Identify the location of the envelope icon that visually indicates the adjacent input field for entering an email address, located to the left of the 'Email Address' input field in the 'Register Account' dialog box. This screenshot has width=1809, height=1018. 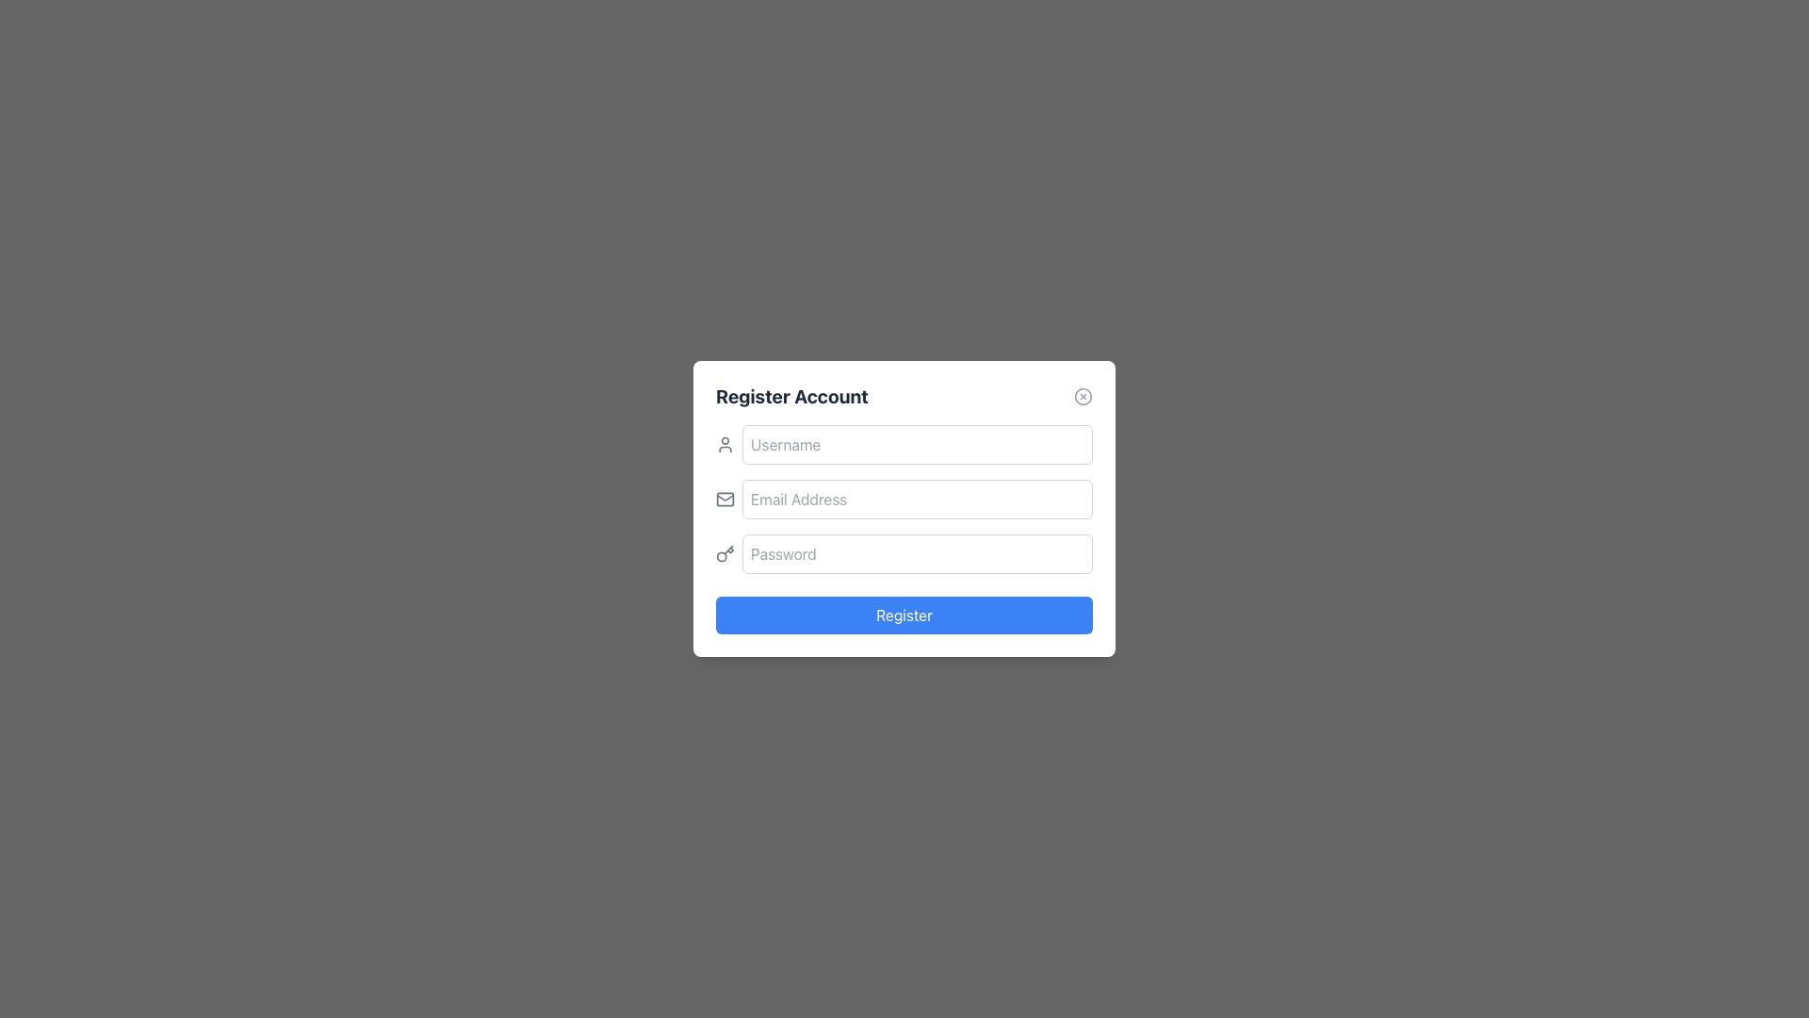
(724, 498).